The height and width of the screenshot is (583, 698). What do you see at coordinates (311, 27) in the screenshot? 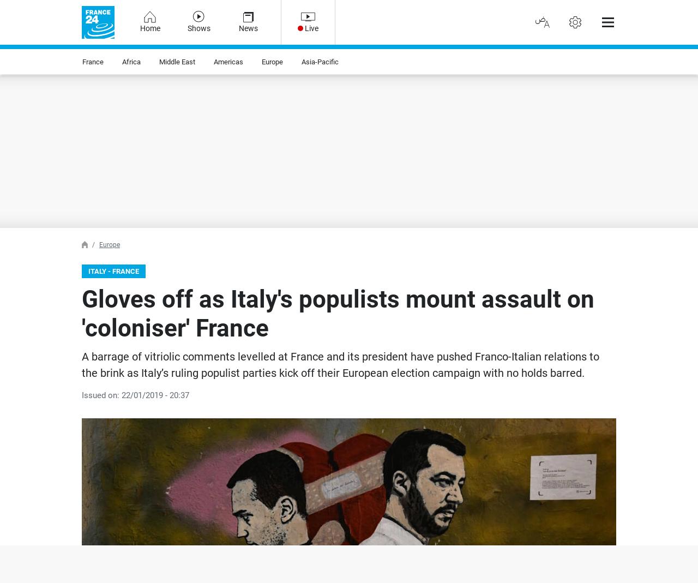
I see `'Live'` at bounding box center [311, 27].